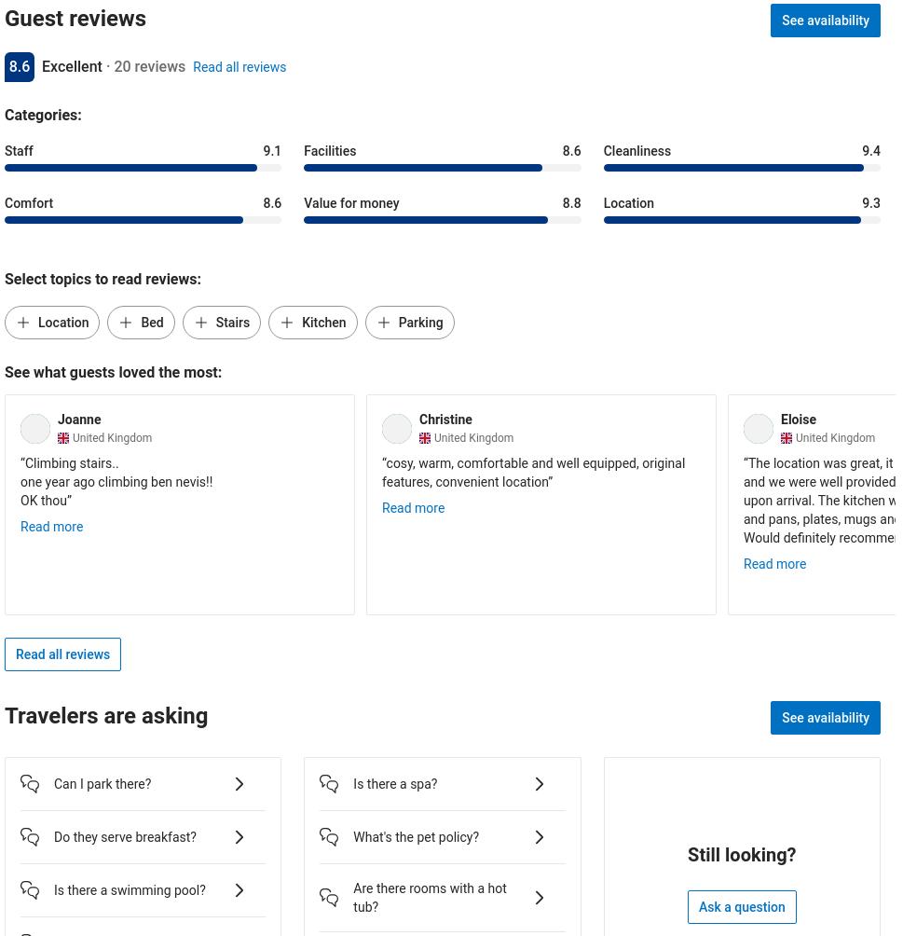 Image resolution: width=903 pixels, height=936 pixels. What do you see at coordinates (231, 322) in the screenshot?
I see `'Stairs'` at bounding box center [231, 322].